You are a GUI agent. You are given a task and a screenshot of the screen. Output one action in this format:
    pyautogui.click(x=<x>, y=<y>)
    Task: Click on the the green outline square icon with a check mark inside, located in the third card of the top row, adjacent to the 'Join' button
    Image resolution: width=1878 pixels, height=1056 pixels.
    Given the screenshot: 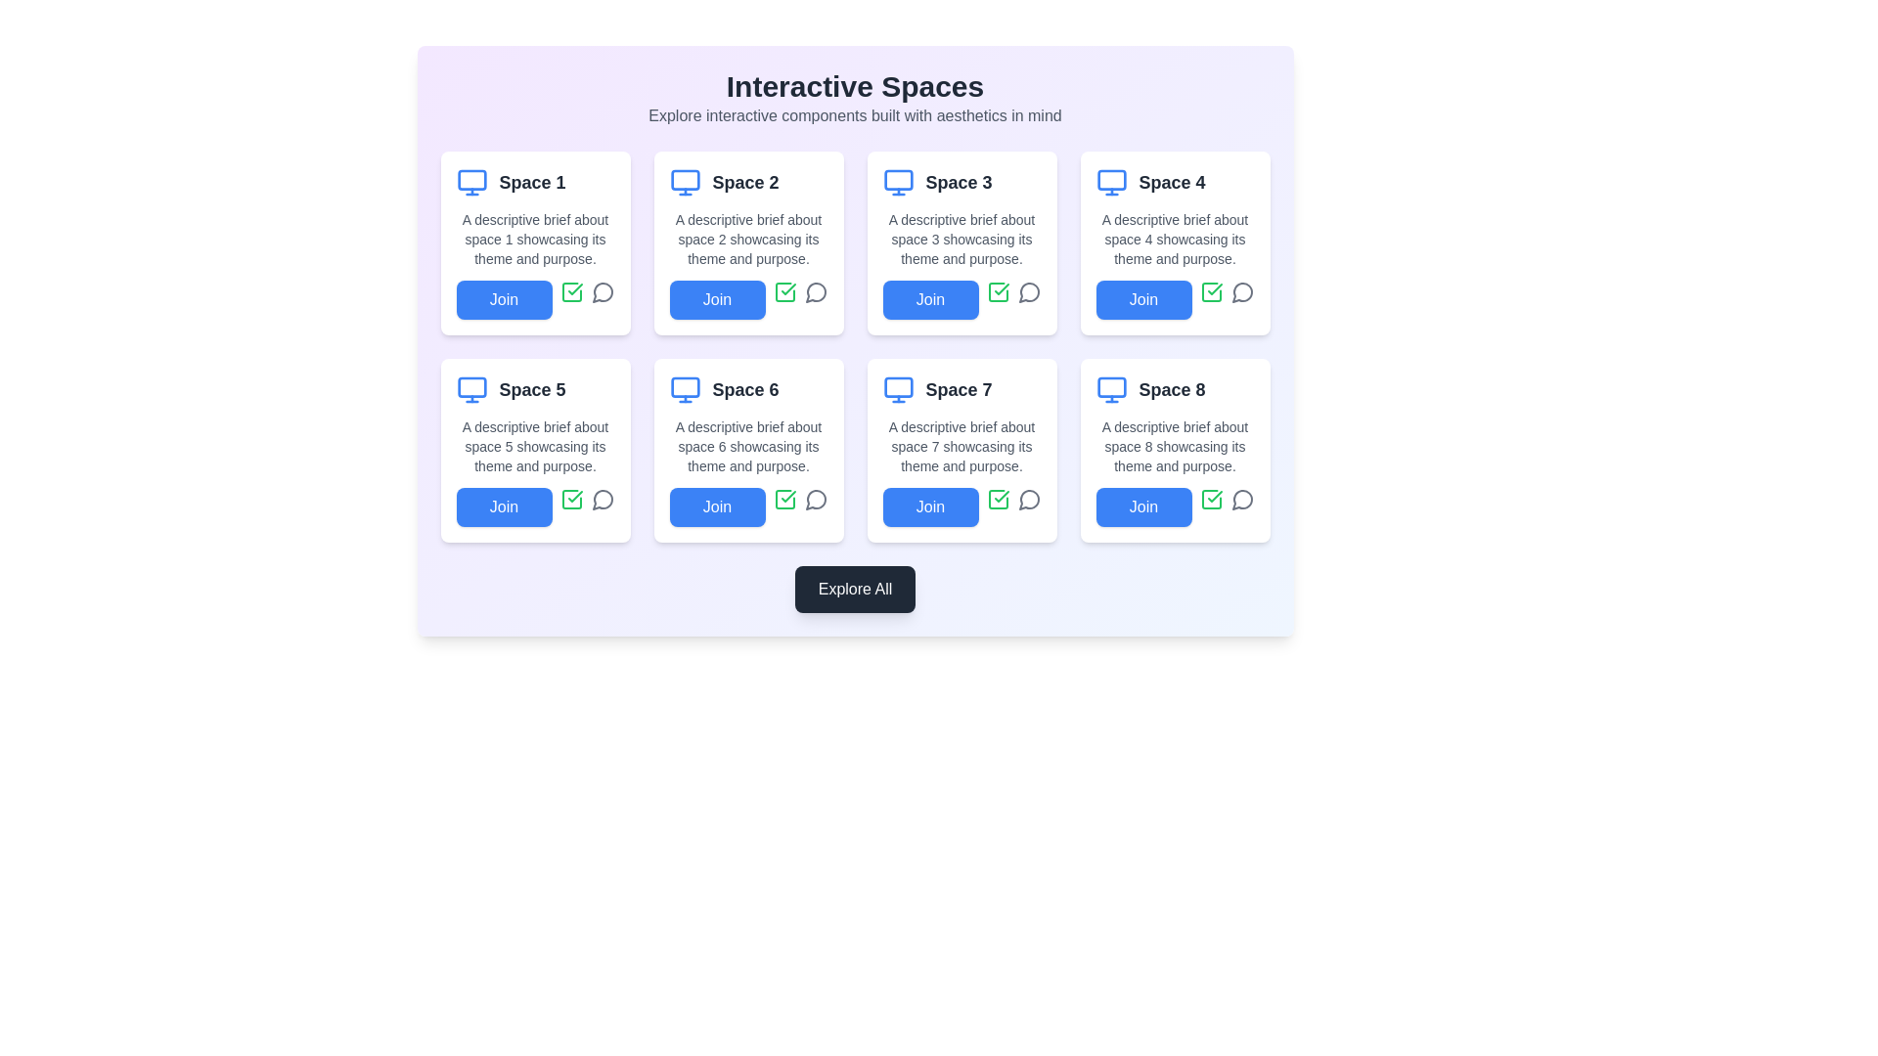 What is the action you would take?
    pyautogui.click(x=998, y=292)
    